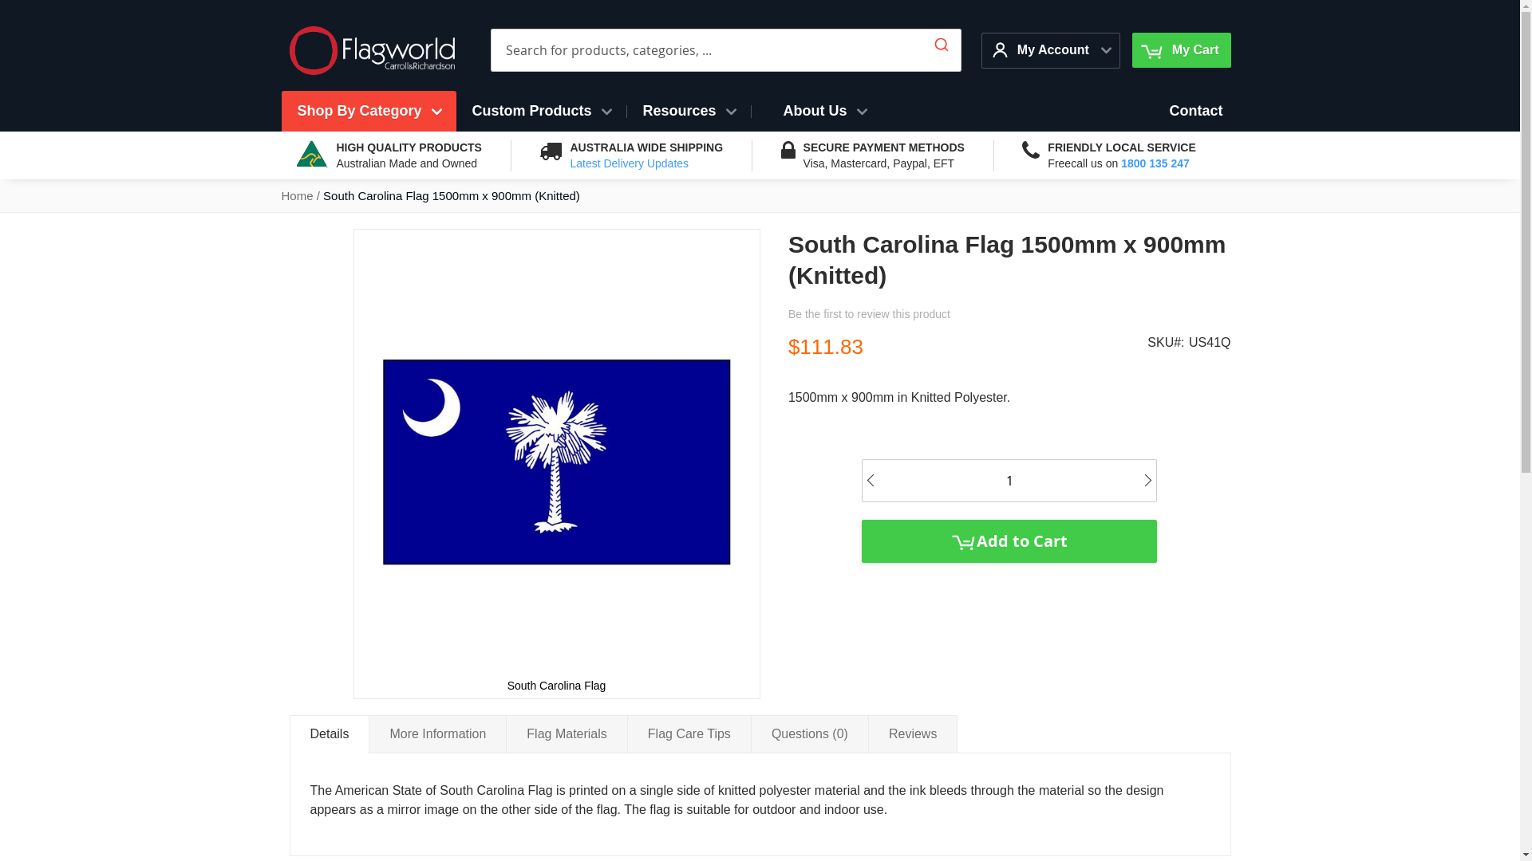  Describe the element at coordinates (868, 313) in the screenshot. I see `'Be the first to review this product'` at that location.